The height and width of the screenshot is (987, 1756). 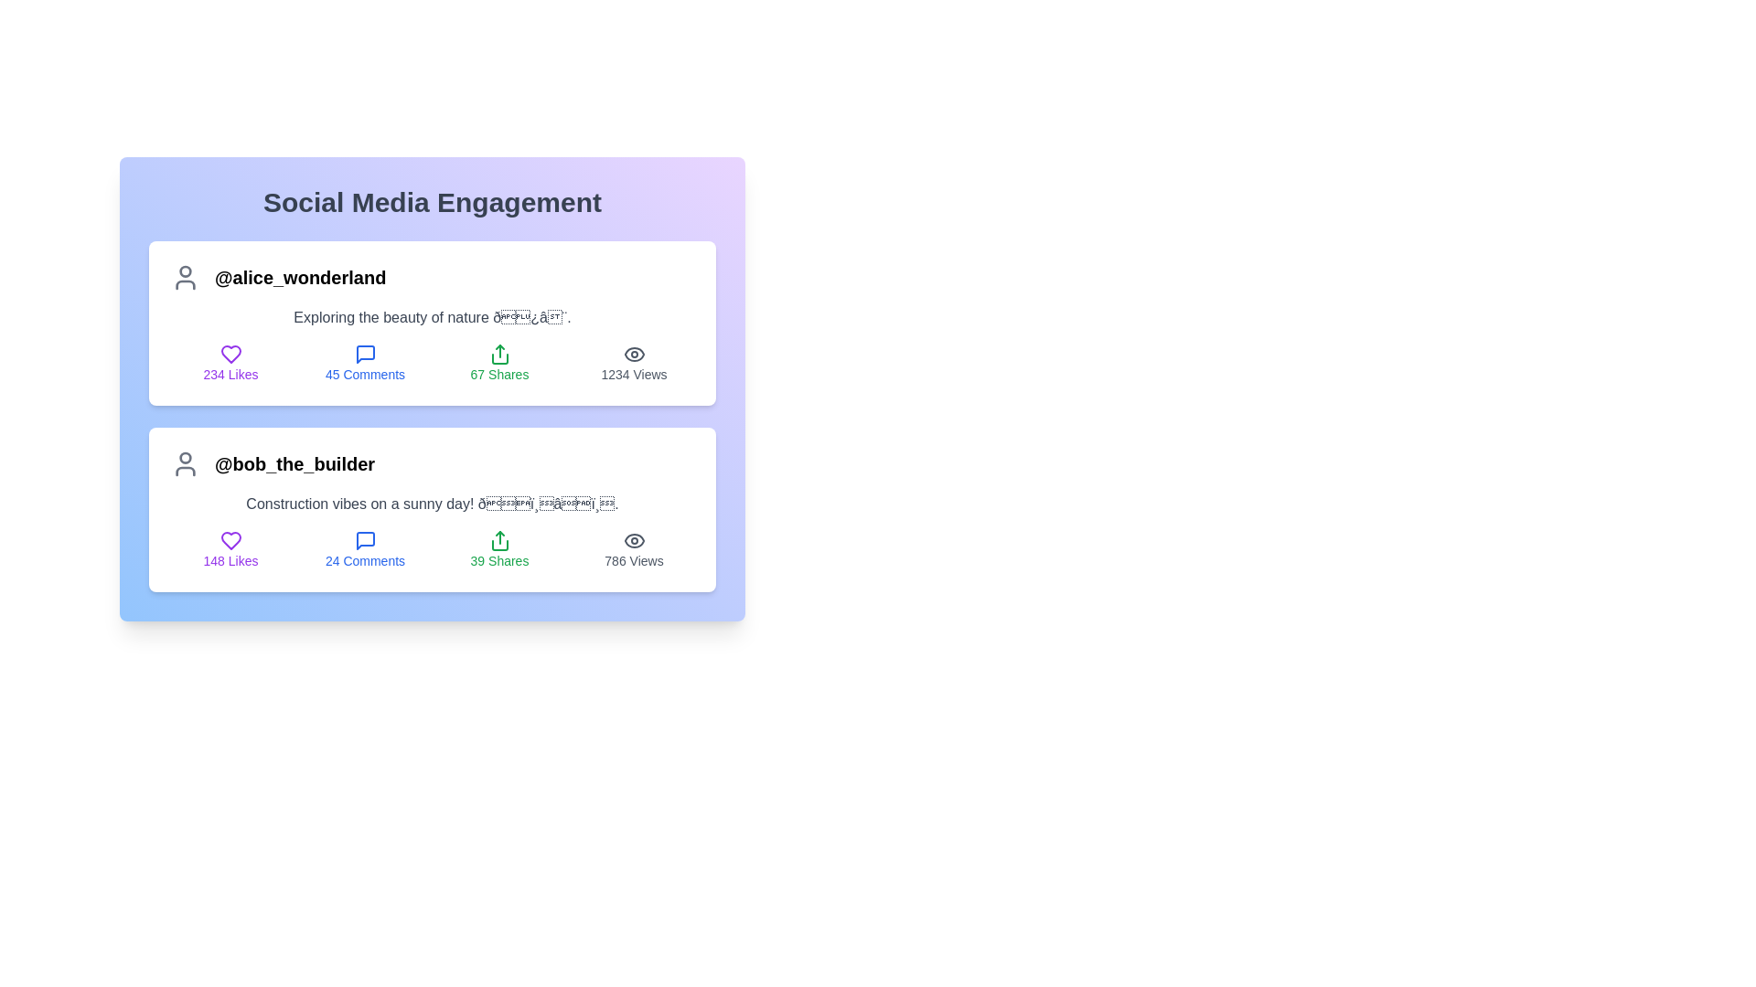 What do you see at coordinates (634, 548) in the screenshot?
I see `the Information display element that shows '786 Views' with an eye icon, located at the bottom-right of the engagement metrics grid` at bounding box center [634, 548].